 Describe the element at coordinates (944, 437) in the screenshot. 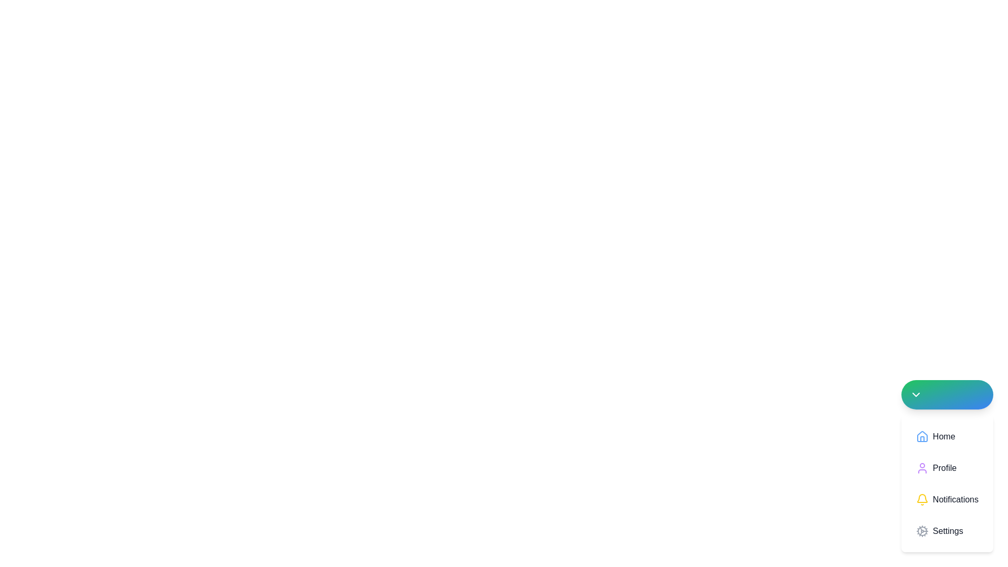

I see `the 'Home' label in the vertical menu, which is positioned to the right of the house icon` at that location.